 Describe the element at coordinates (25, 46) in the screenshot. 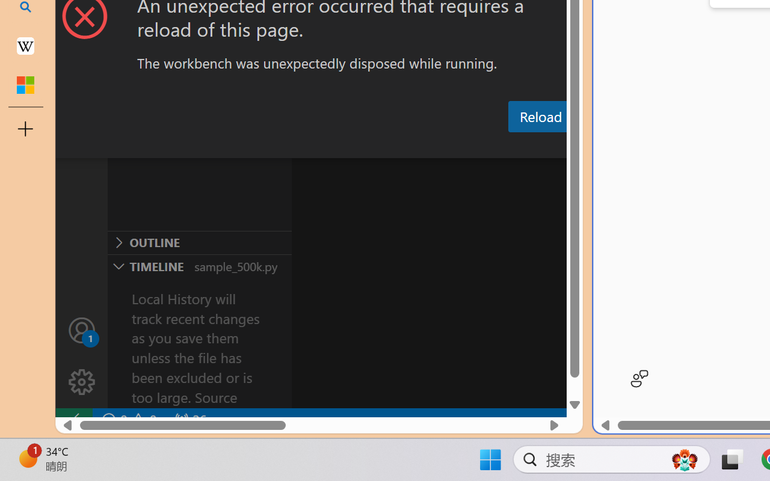

I see `'Earth - Wikipedia'` at that location.